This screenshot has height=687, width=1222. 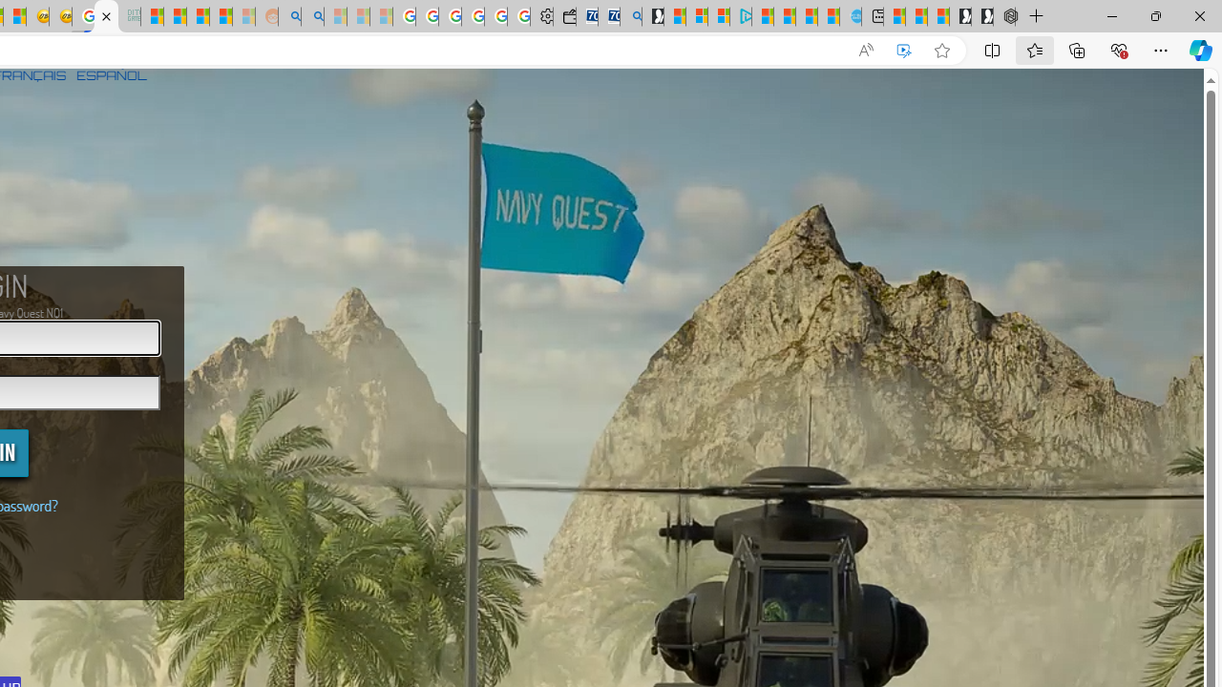 I want to click on 'Wallet', so click(x=563, y=16).